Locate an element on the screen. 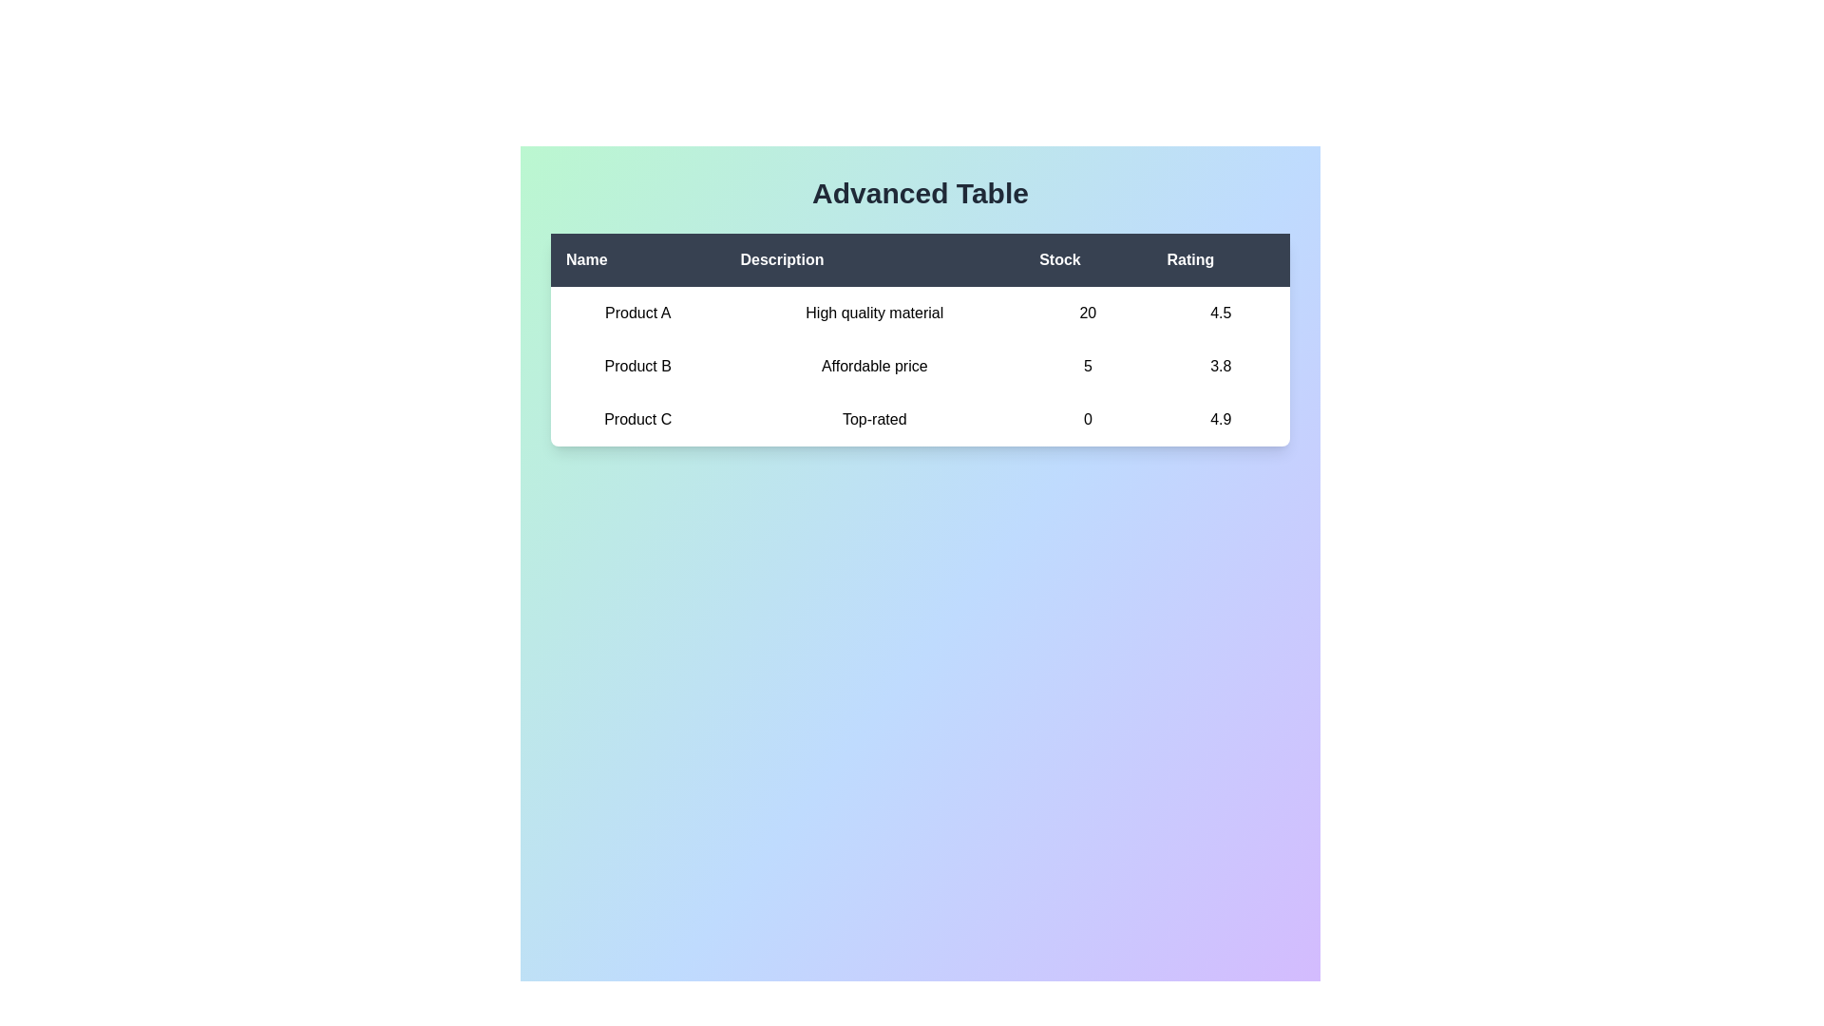  the text label element displaying the product name in the first column of the table is located at coordinates (637, 313).